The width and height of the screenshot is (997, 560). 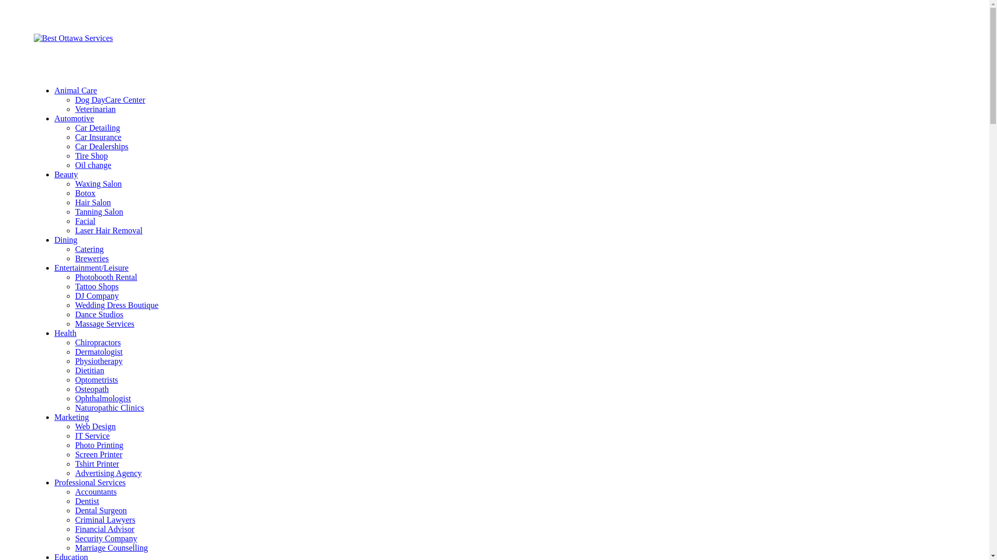 I want to click on 'Tire Shop', so click(x=91, y=156).